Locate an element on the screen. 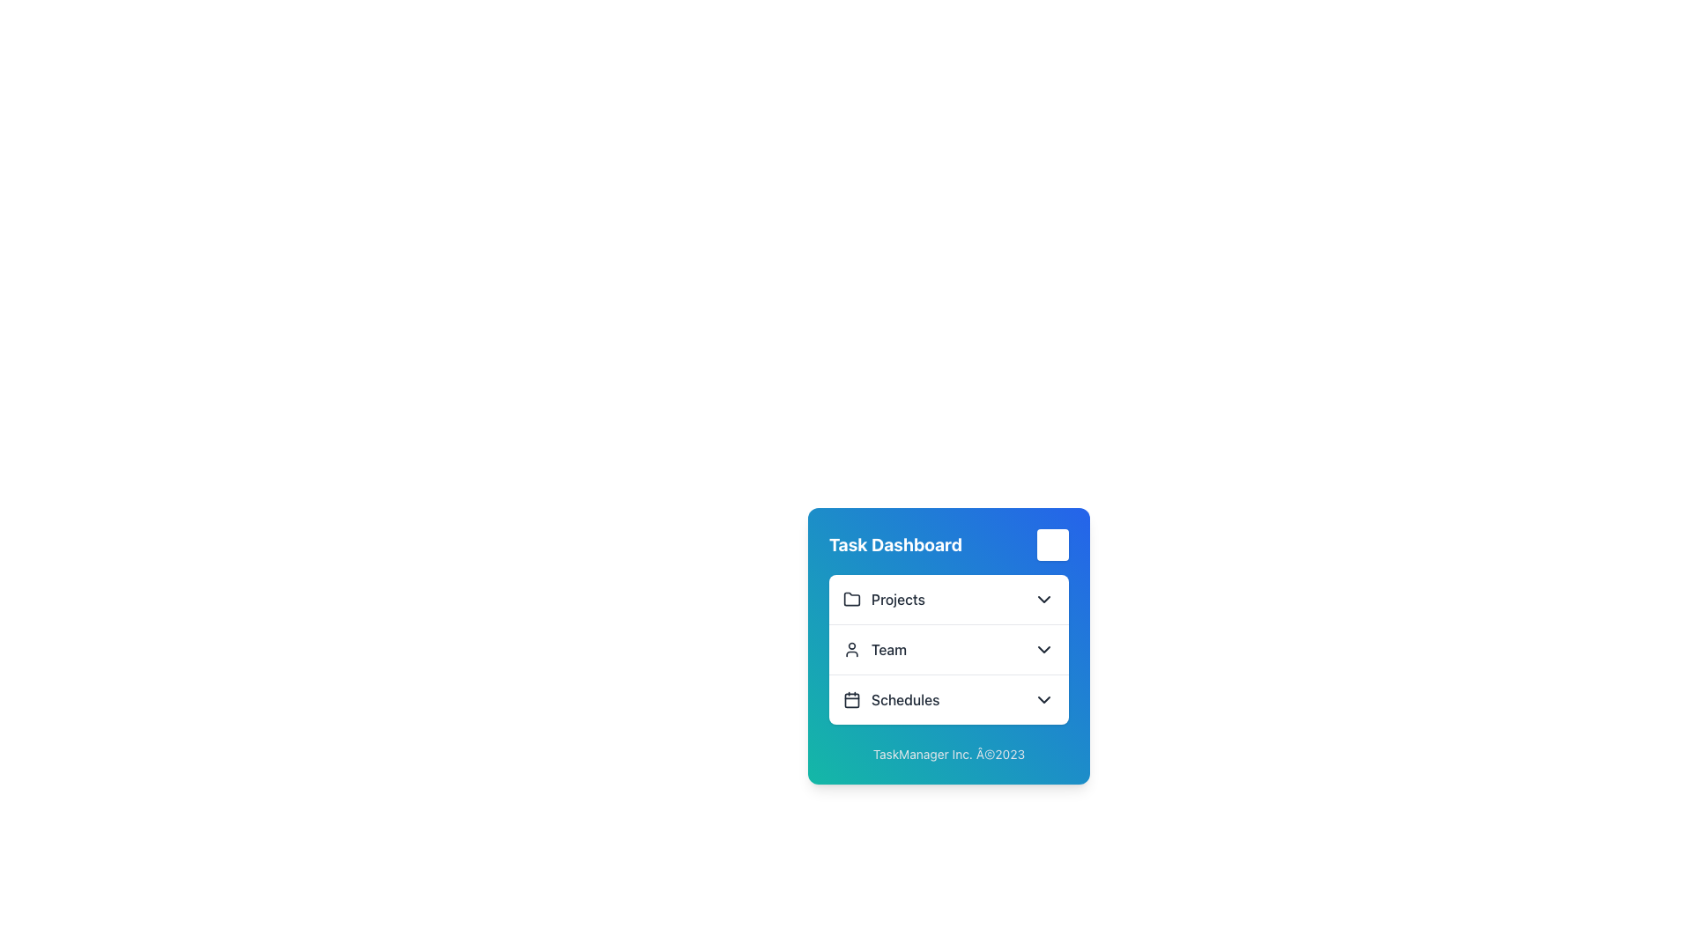 The height and width of the screenshot is (951, 1692). the 'Team' section icon located in the second row of the menu list in the 'Task Dashboard' area, which is to the left of the text 'Team' is located at coordinates (851, 649).